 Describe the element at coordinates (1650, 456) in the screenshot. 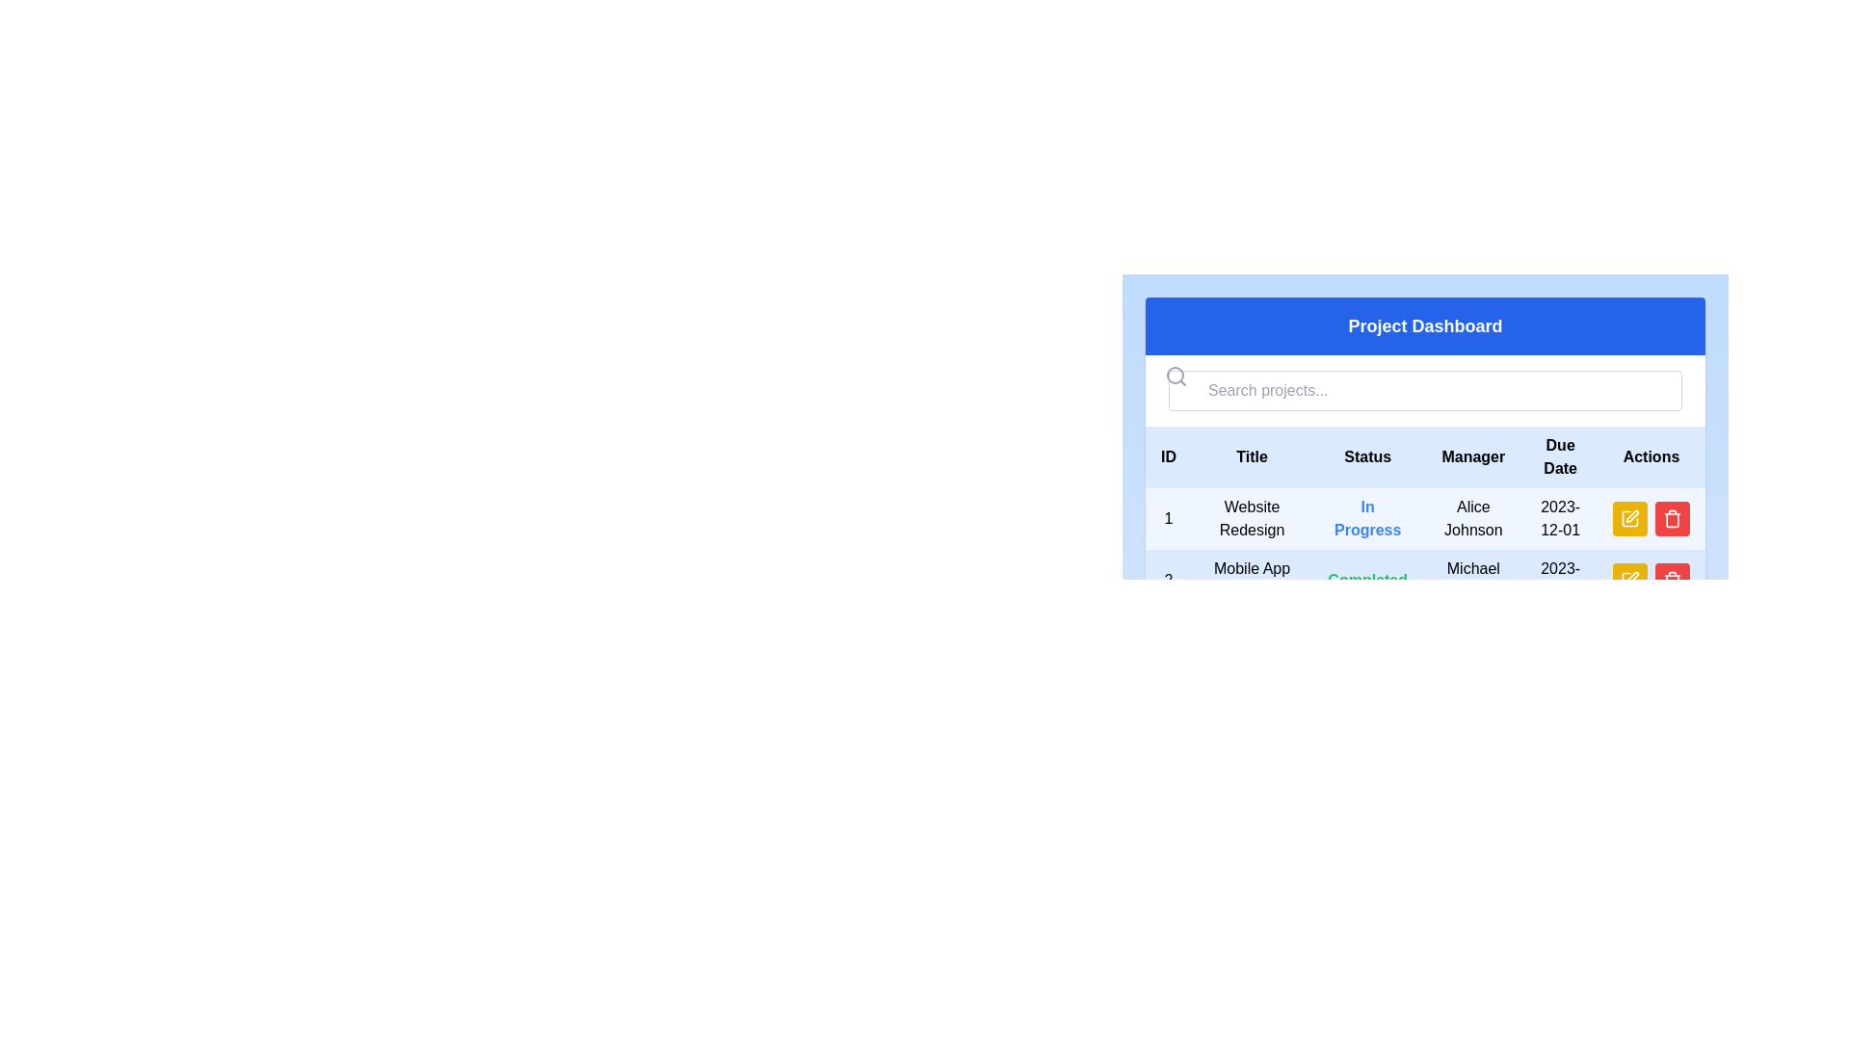

I see `the 'Actions' text label, which is a bold black font on a light blue background located in the rightmost column header above a table` at that location.